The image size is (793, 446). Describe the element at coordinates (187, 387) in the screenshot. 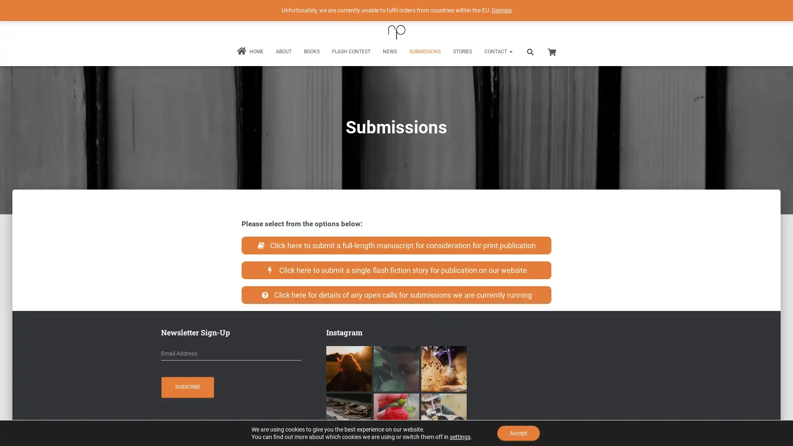

I see `Subscribe` at that location.